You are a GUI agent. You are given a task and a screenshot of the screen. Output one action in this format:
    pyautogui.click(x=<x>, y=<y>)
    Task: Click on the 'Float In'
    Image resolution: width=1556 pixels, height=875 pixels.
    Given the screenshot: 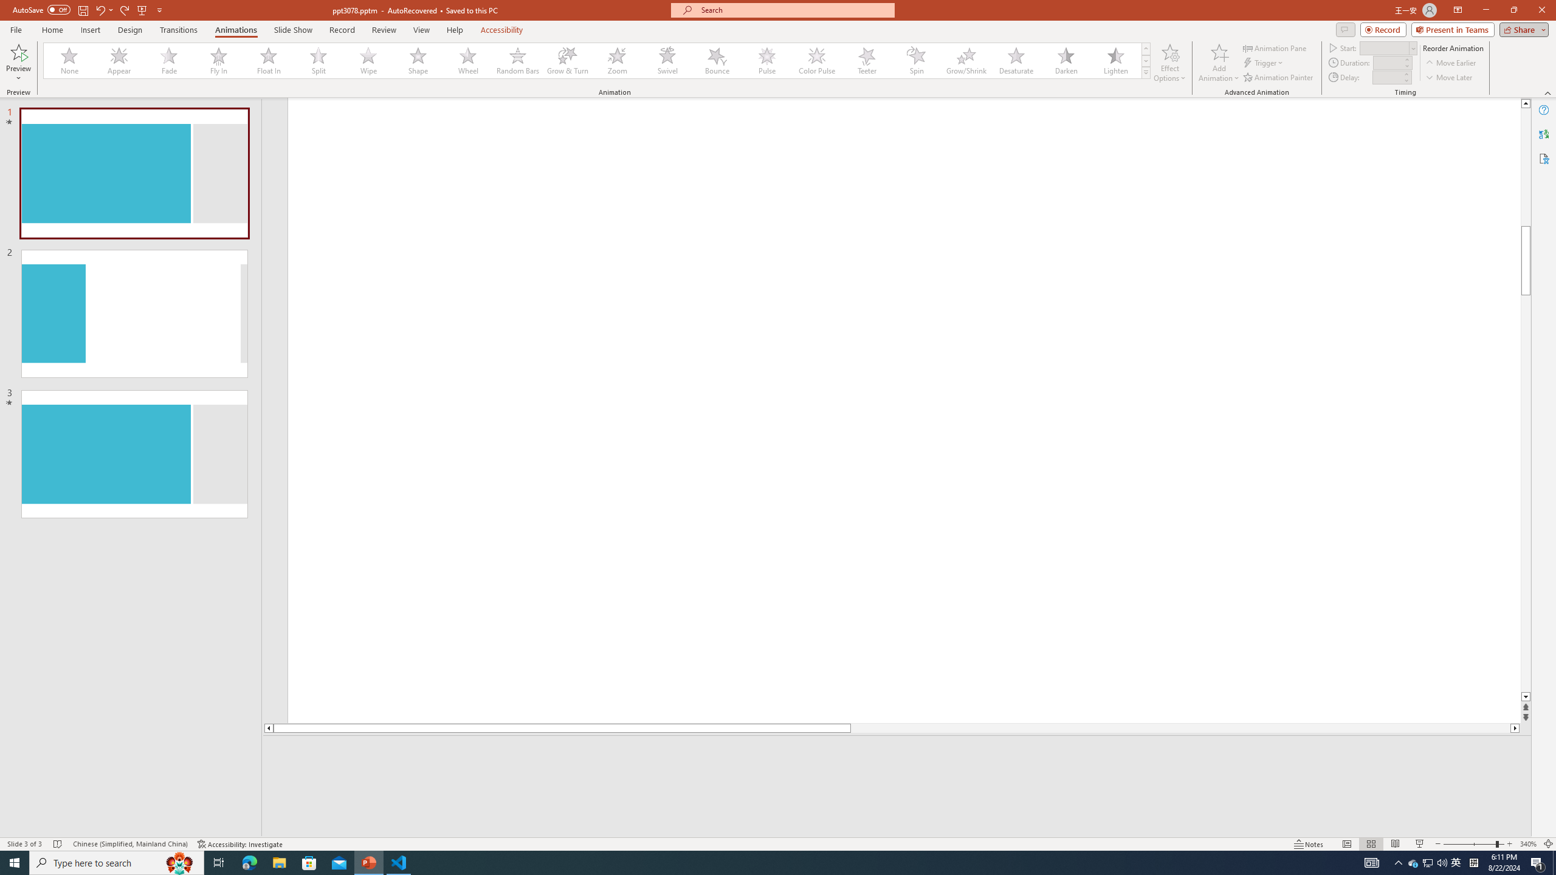 What is the action you would take?
    pyautogui.click(x=268, y=60)
    